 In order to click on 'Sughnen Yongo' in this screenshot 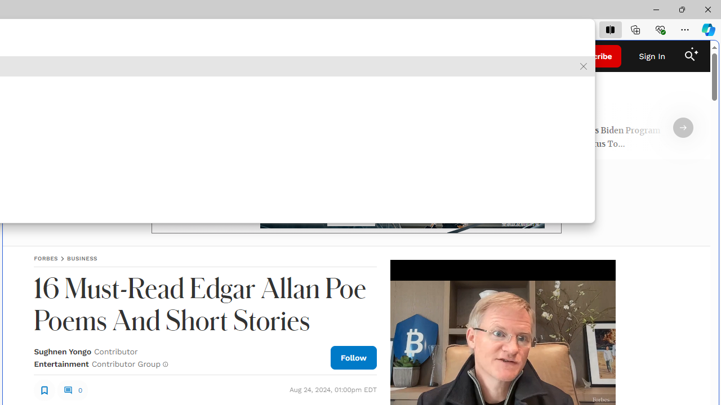, I will do `click(62, 350)`.